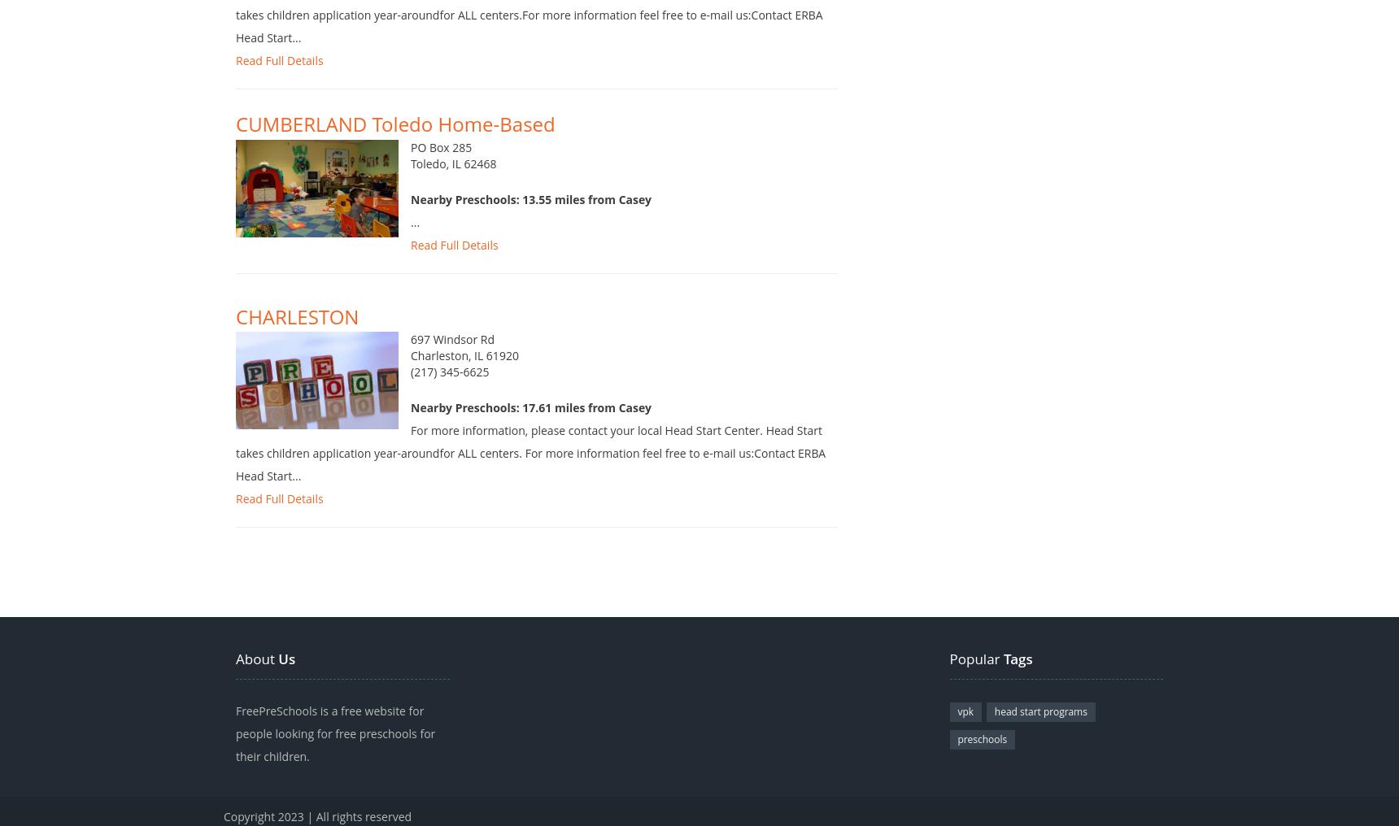 This screenshot has height=826, width=1399. I want to click on '...', so click(410, 238).